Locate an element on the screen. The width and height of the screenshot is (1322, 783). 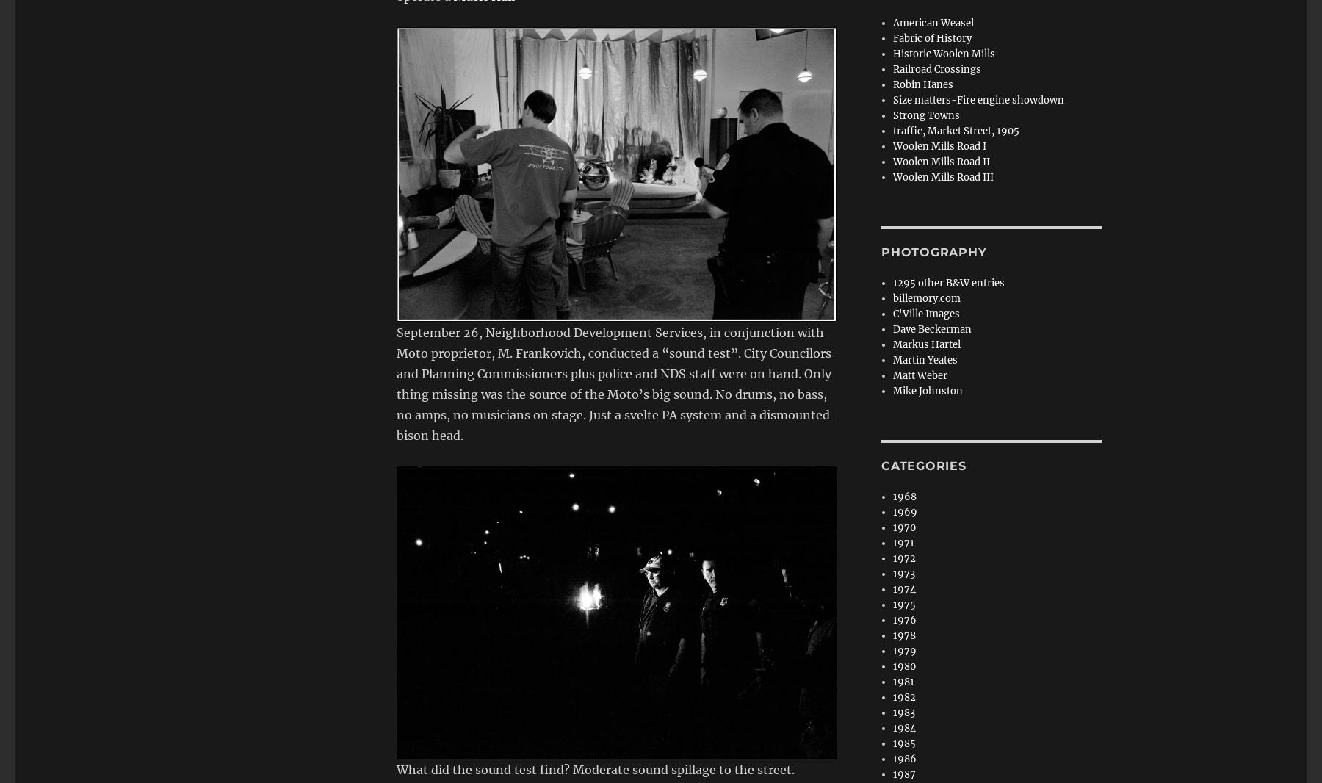
'Woolen Mills Road II' is located at coordinates (892, 161).